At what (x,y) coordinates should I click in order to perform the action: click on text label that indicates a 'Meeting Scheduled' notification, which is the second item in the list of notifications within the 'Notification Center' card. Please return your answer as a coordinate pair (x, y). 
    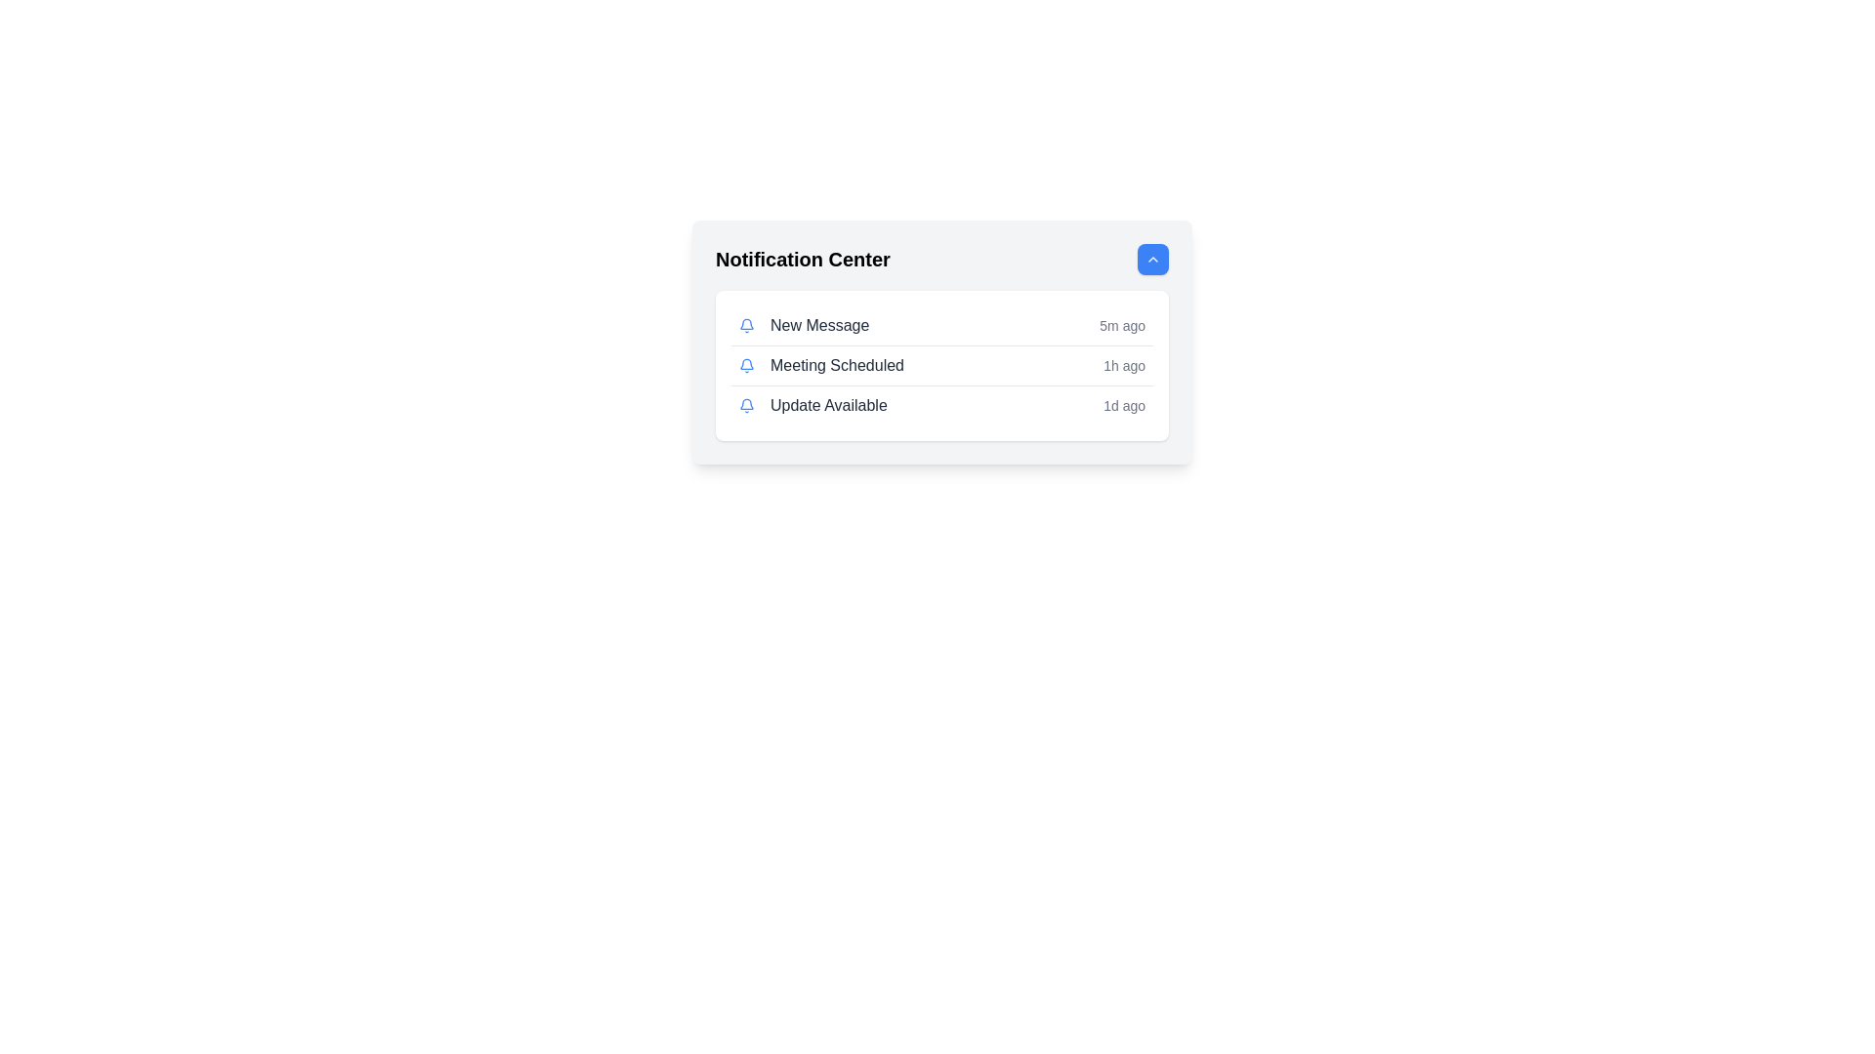
    Looking at the image, I should click on (837, 365).